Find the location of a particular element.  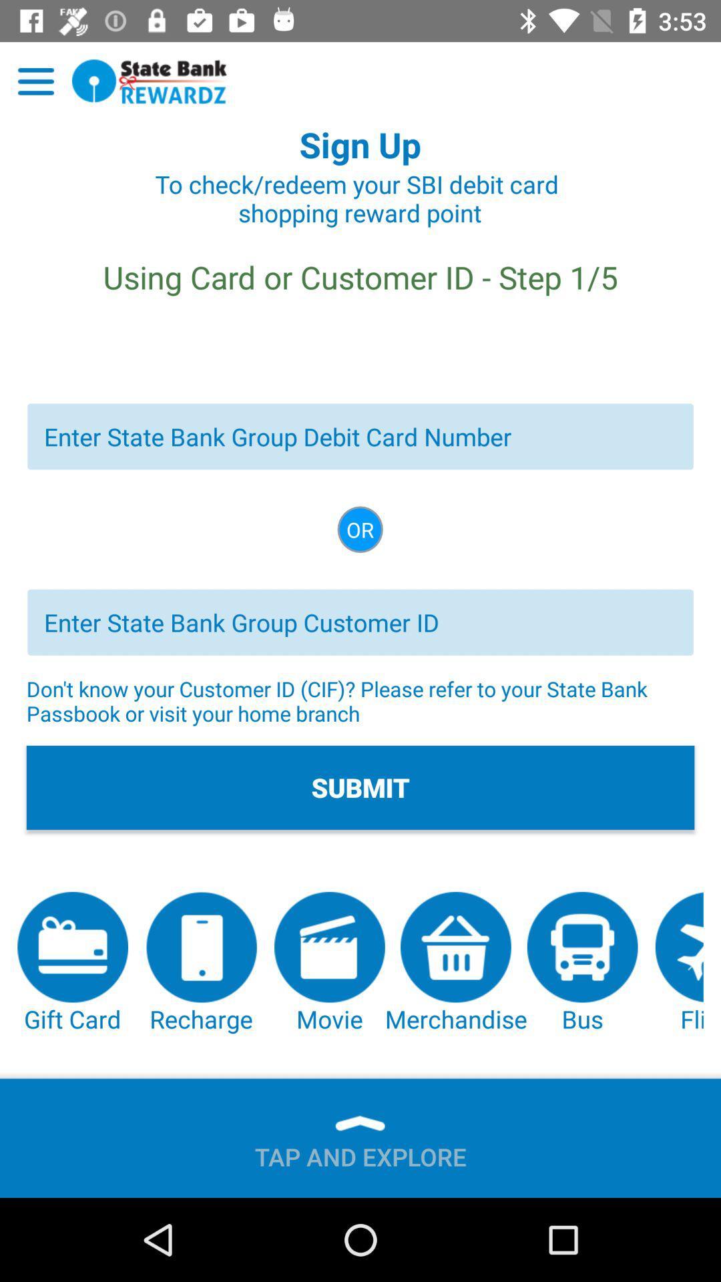

the app next to movie app is located at coordinates (201, 964).